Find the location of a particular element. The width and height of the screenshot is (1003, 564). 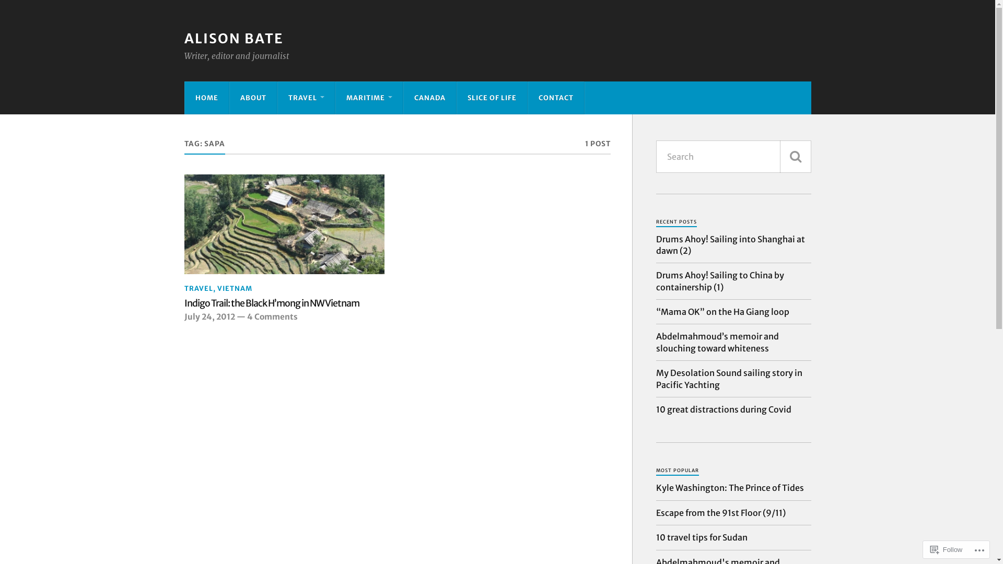

'Kyle Washington: The Prince of Tides' is located at coordinates (729, 487).